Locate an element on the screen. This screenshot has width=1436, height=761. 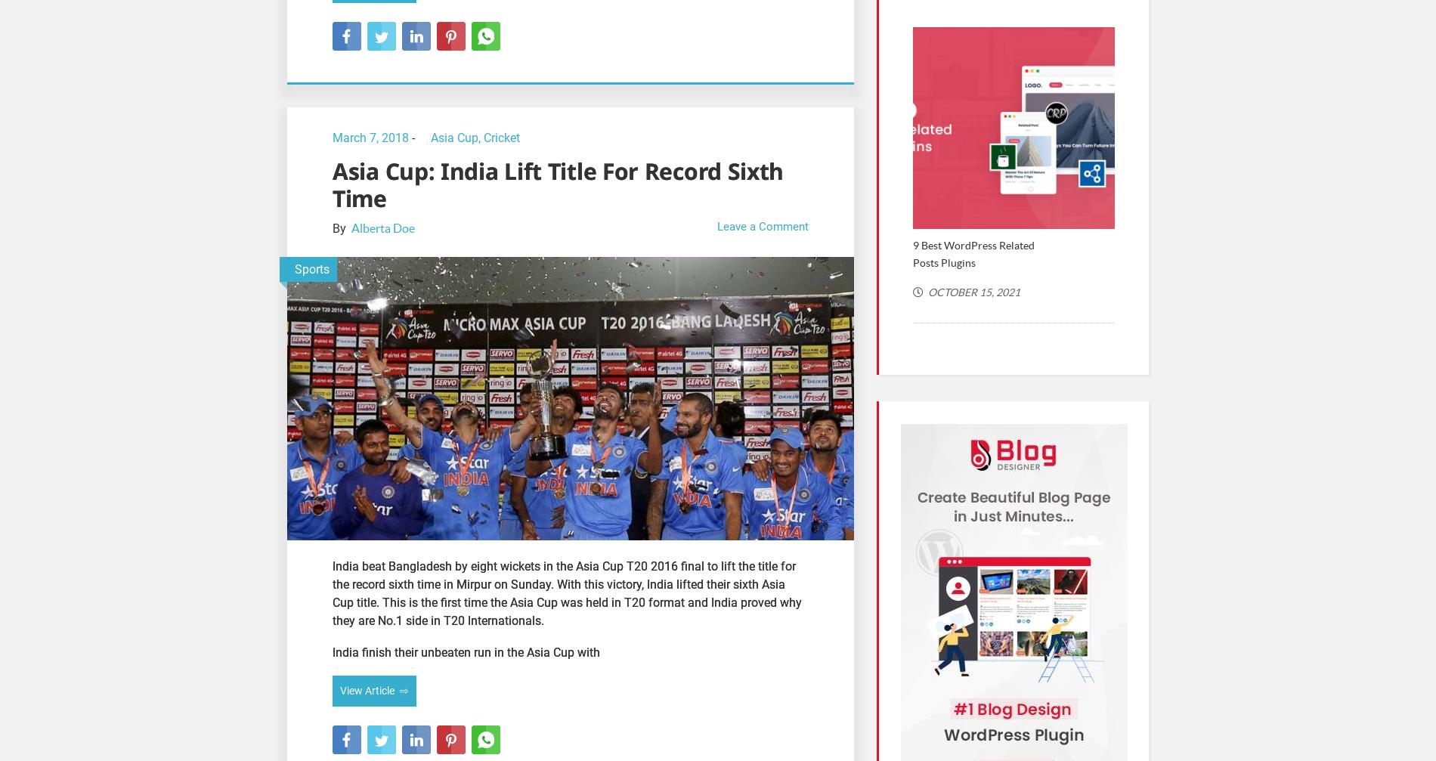
'September 22, 2021' is located at coordinates (1179, 309).